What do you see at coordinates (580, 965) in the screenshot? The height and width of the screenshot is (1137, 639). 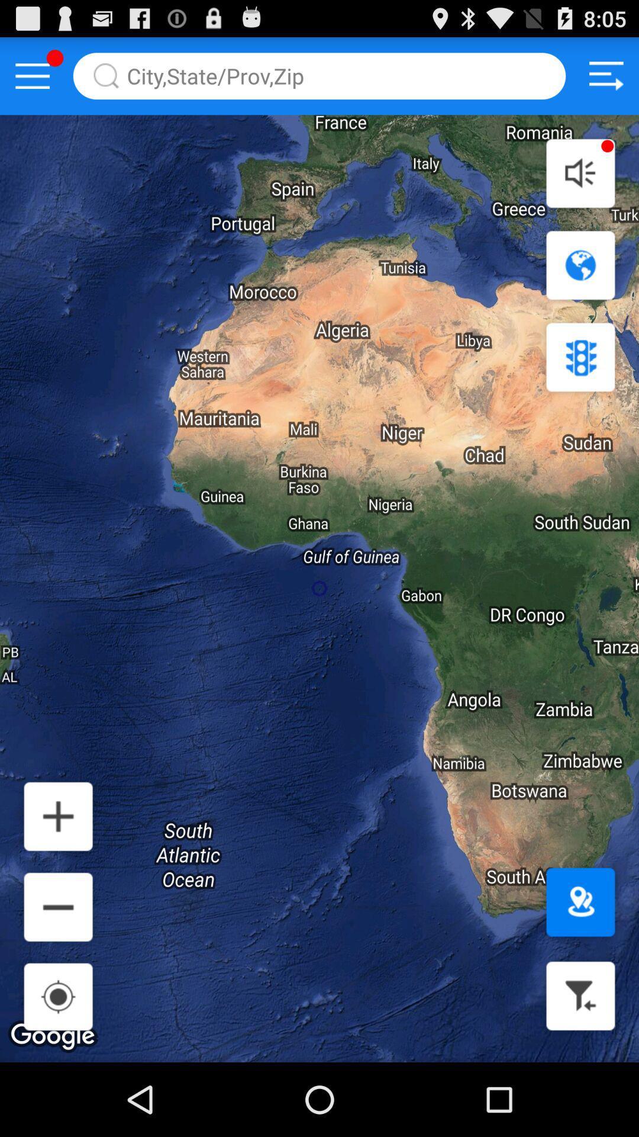 I see `the location icon` at bounding box center [580, 965].